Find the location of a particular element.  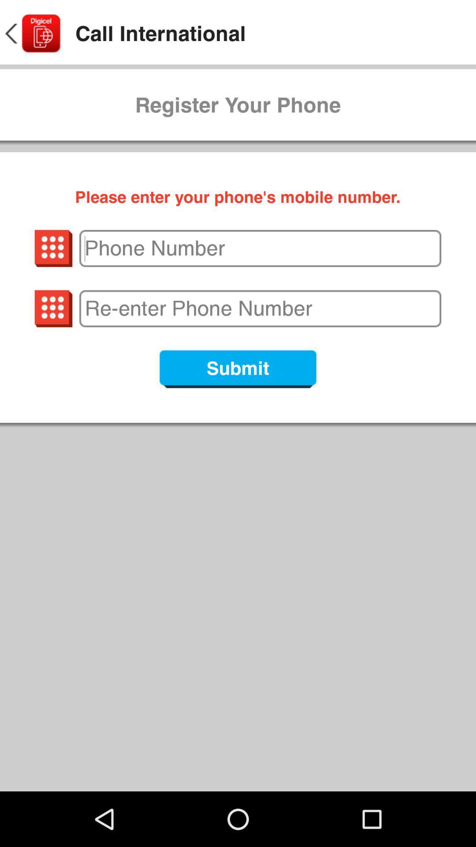

the icon next to the call international is located at coordinates (31, 34).